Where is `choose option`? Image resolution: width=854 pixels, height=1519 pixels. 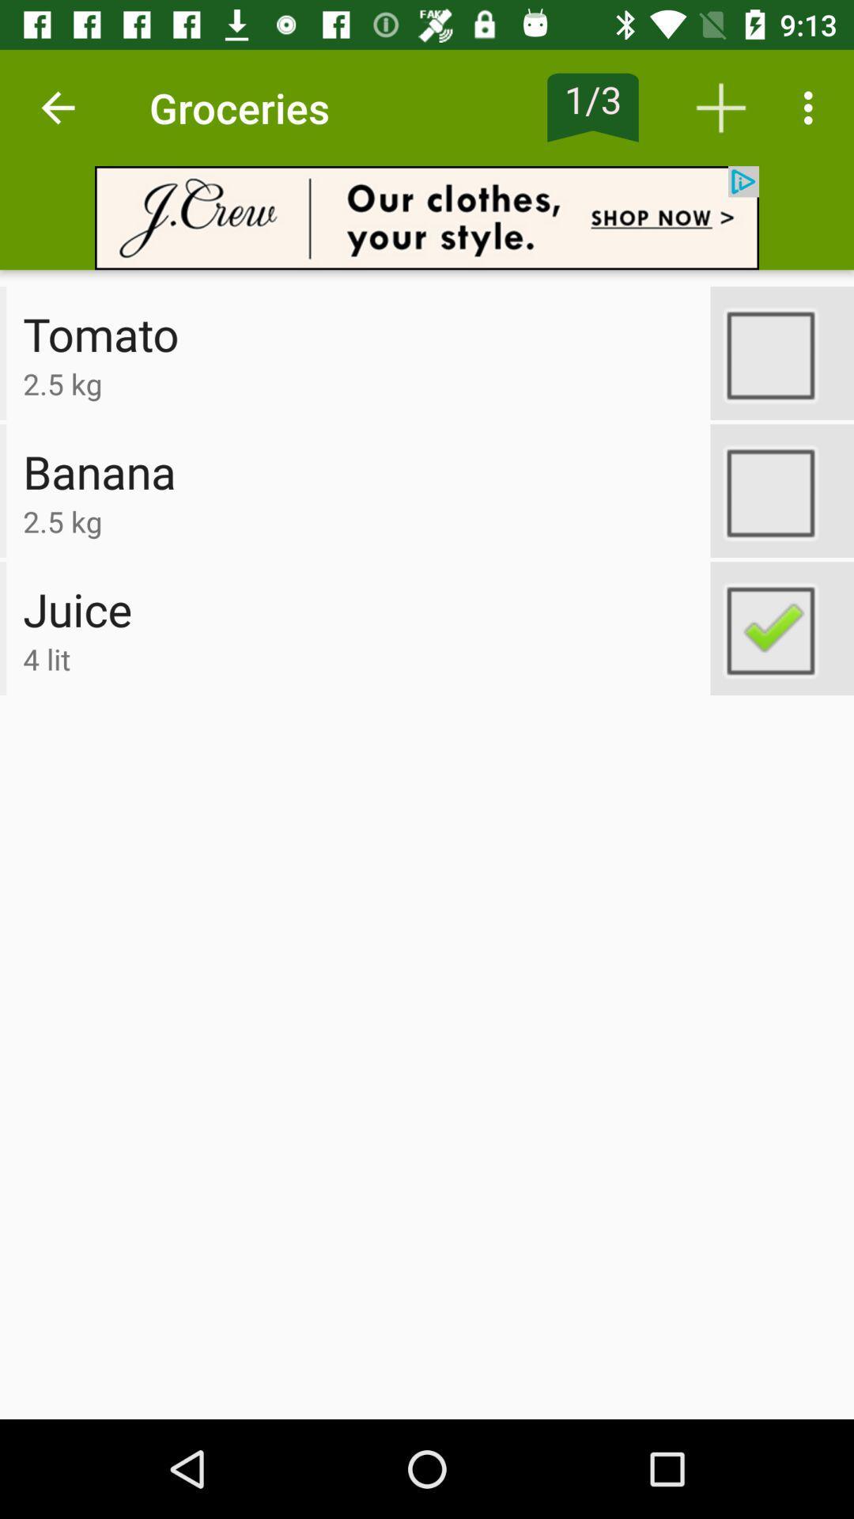
choose option is located at coordinates (781, 352).